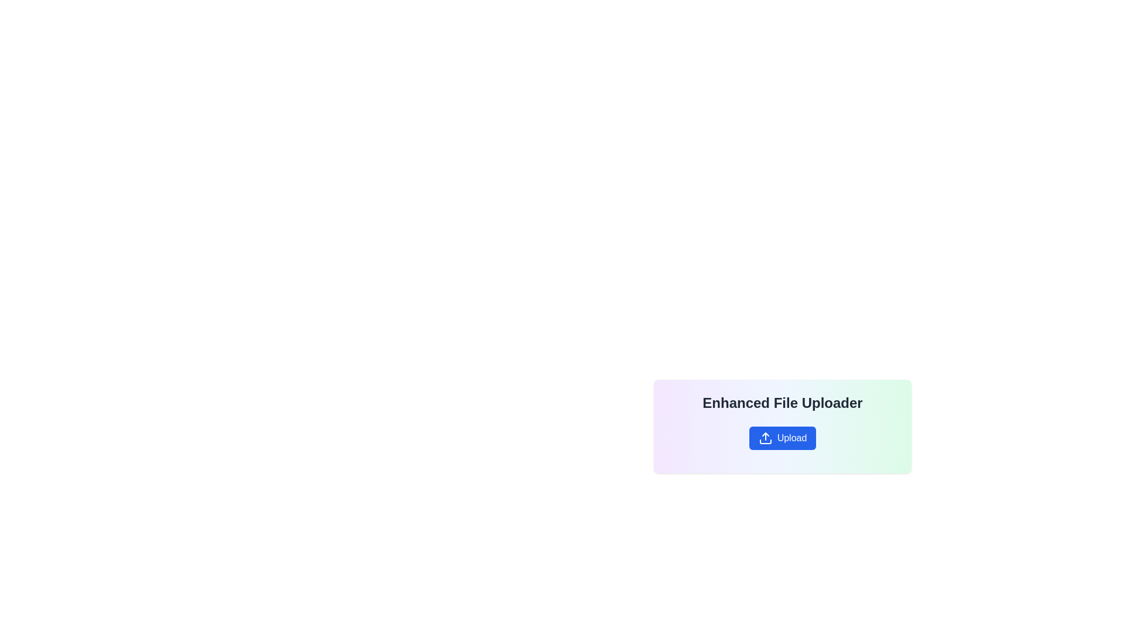 The image size is (1124, 632). Describe the element at coordinates (783, 427) in the screenshot. I see `the upload button located below the 'Enhanced File Uploader' text within the gradient box to initiate the file upload action` at that location.